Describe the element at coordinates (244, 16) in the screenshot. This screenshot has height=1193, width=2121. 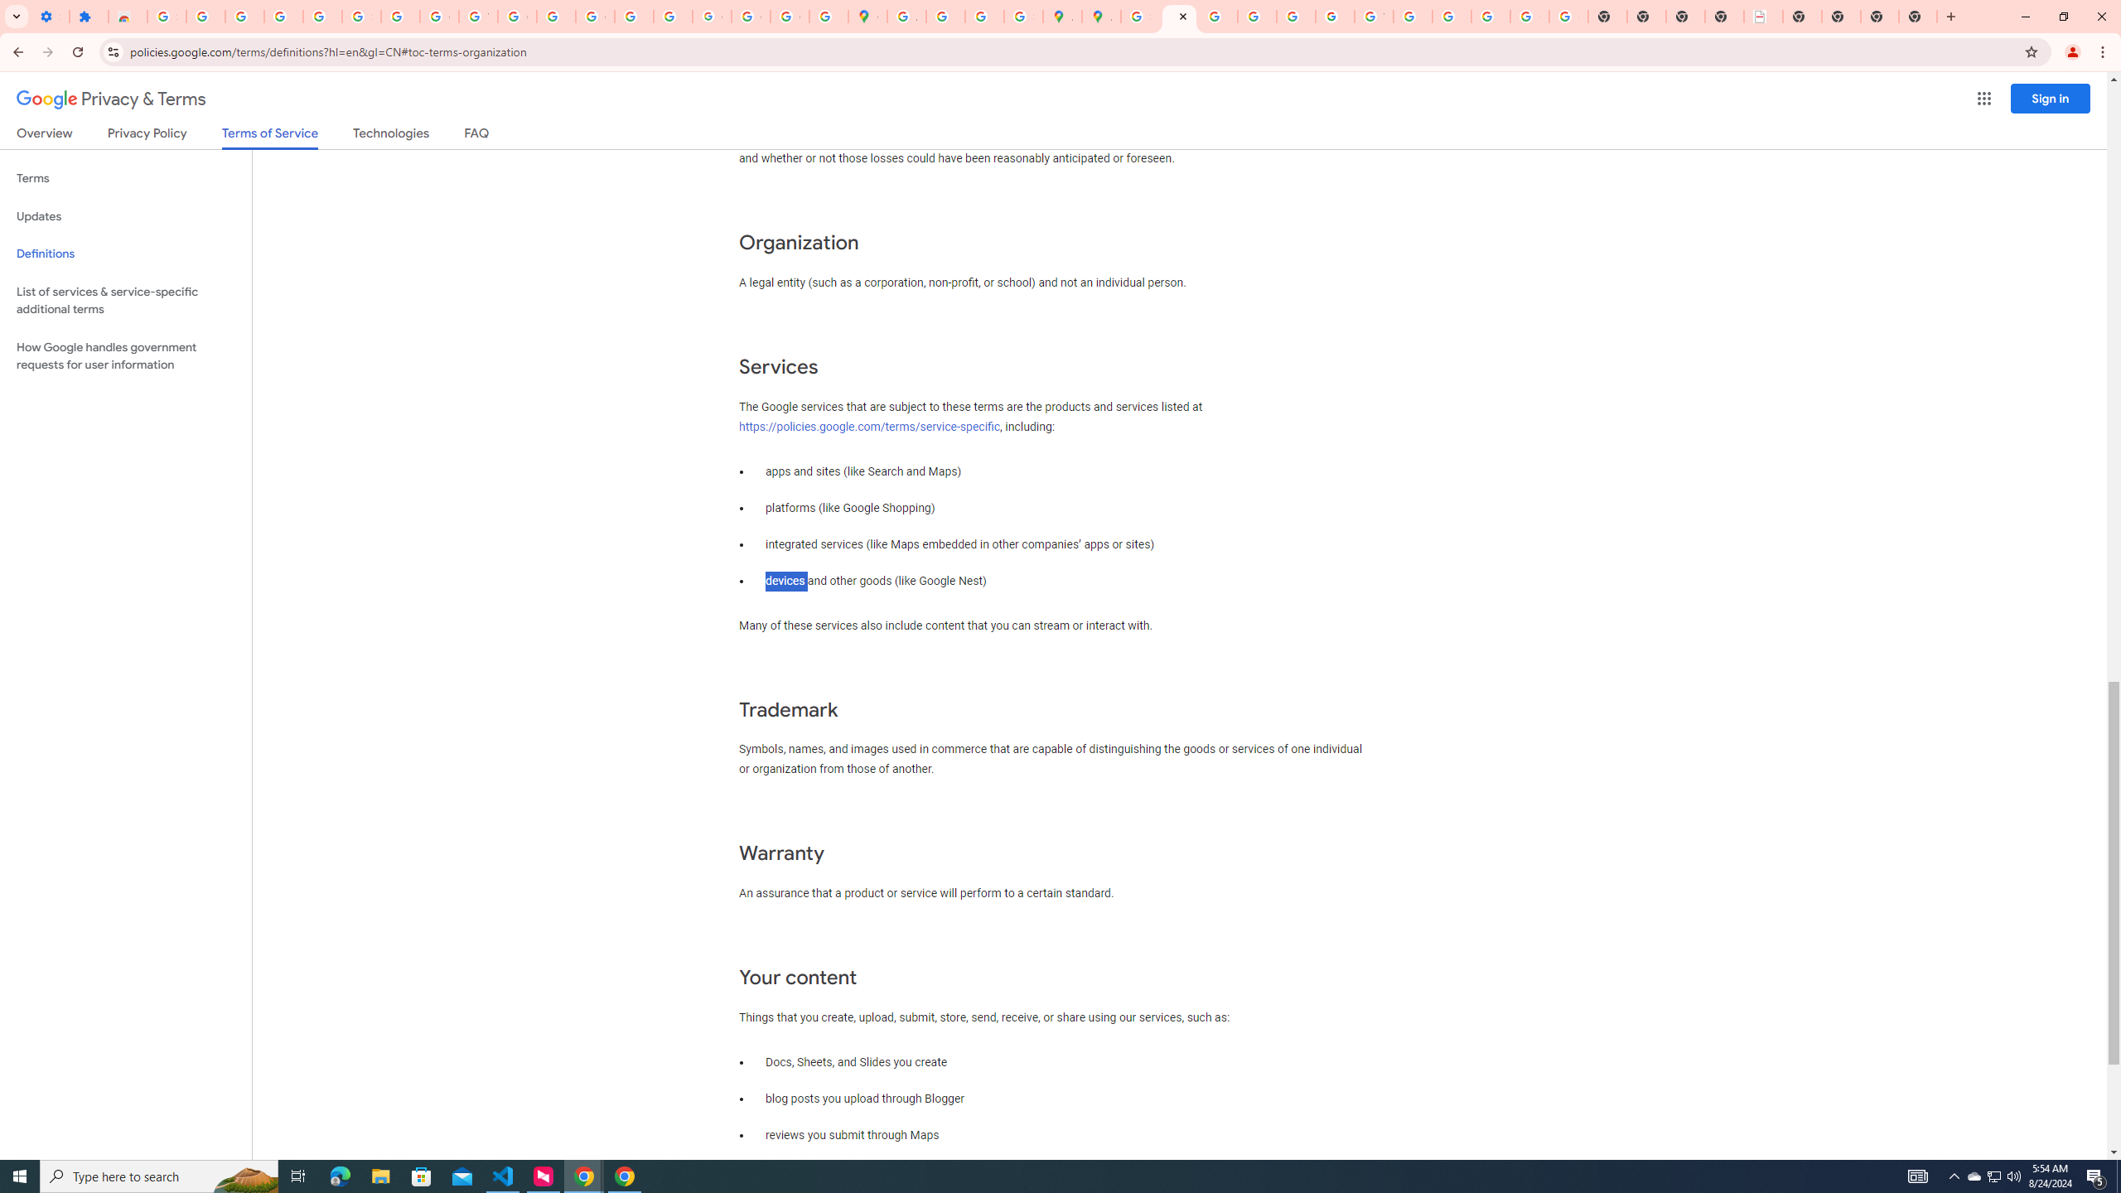
I see `'Delete photos & videos - Computer - Google Photos Help'` at that location.